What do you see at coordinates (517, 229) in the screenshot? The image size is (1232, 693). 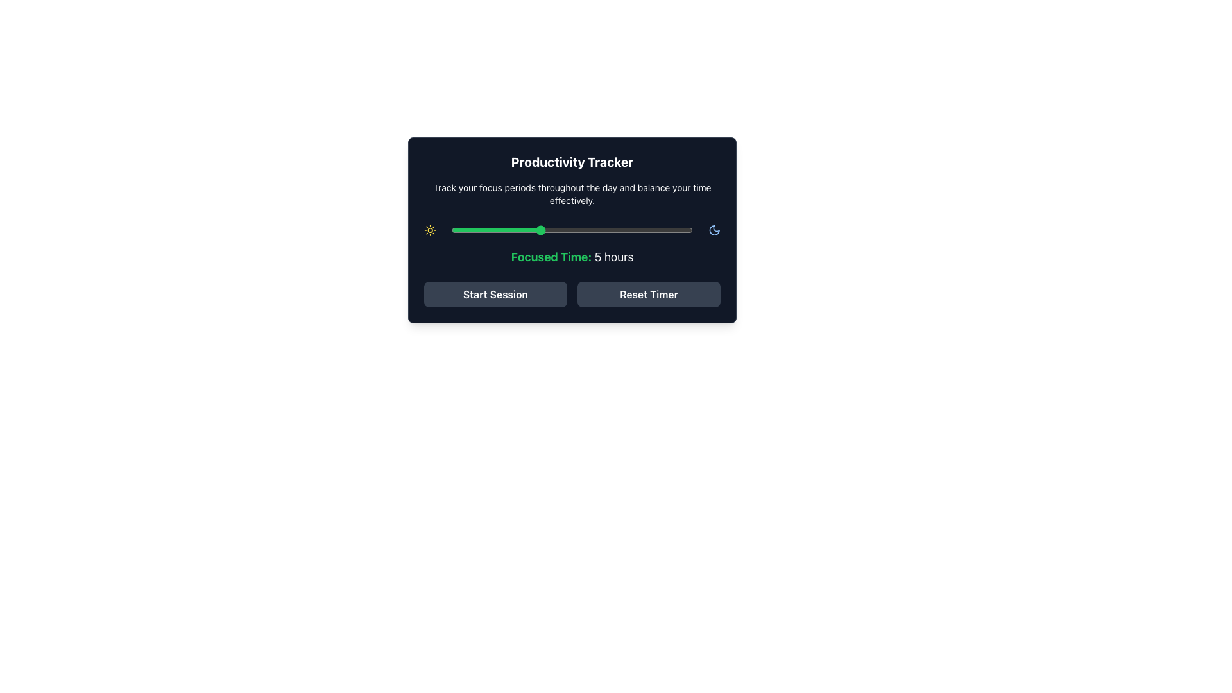 I see `the slider value` at bounding box center [517, 229].